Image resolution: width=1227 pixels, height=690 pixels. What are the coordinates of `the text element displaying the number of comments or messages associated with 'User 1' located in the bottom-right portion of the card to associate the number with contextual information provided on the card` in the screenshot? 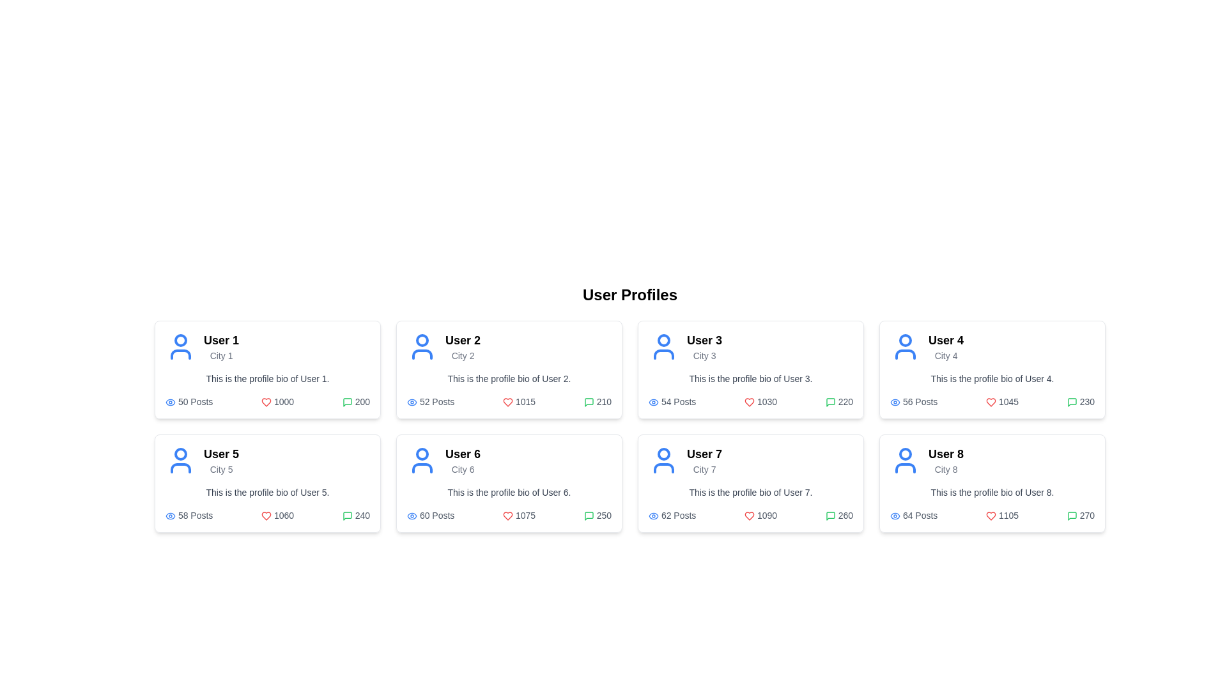 It's located at (356, 401).